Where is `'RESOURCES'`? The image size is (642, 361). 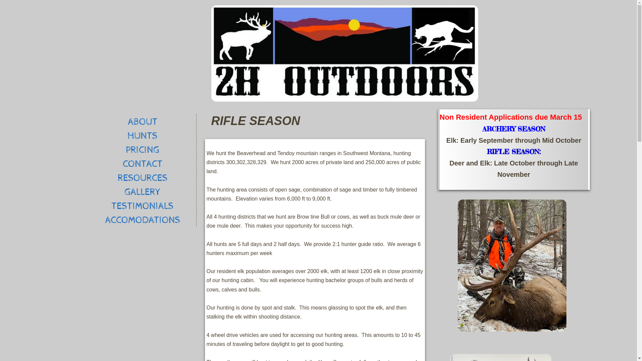 'RESOURCES' is located at coordinates (142, 176).